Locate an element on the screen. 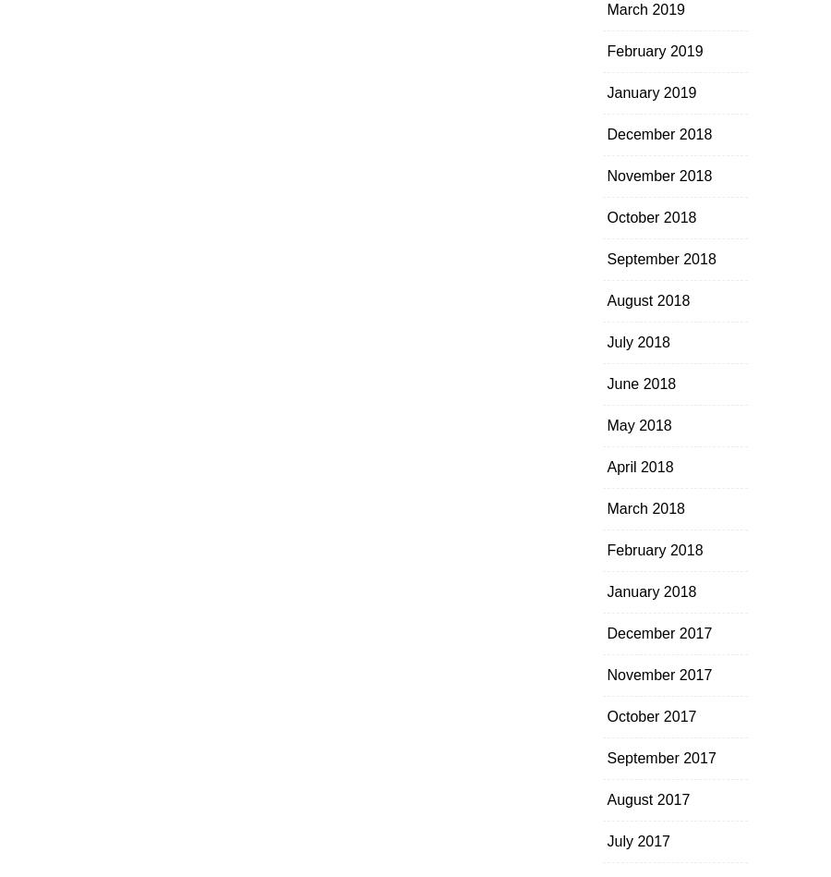 The image size is (831, 877). 'August 2018' is located at coordinates (647, 300).